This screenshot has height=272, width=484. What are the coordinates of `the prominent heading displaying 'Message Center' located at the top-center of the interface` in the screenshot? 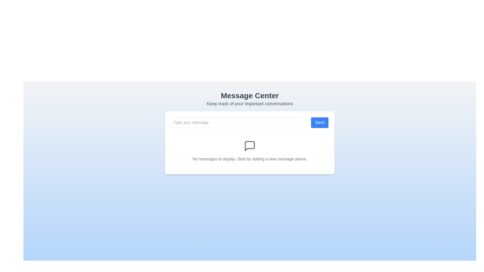 It's located at (250, 96).